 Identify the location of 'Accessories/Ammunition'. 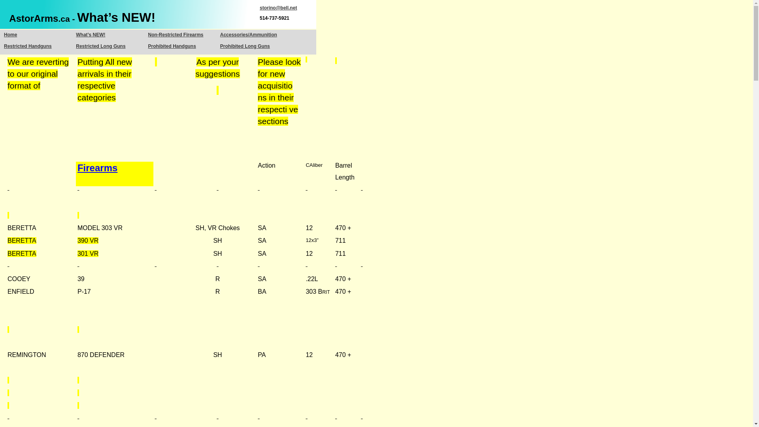
(220, 34).